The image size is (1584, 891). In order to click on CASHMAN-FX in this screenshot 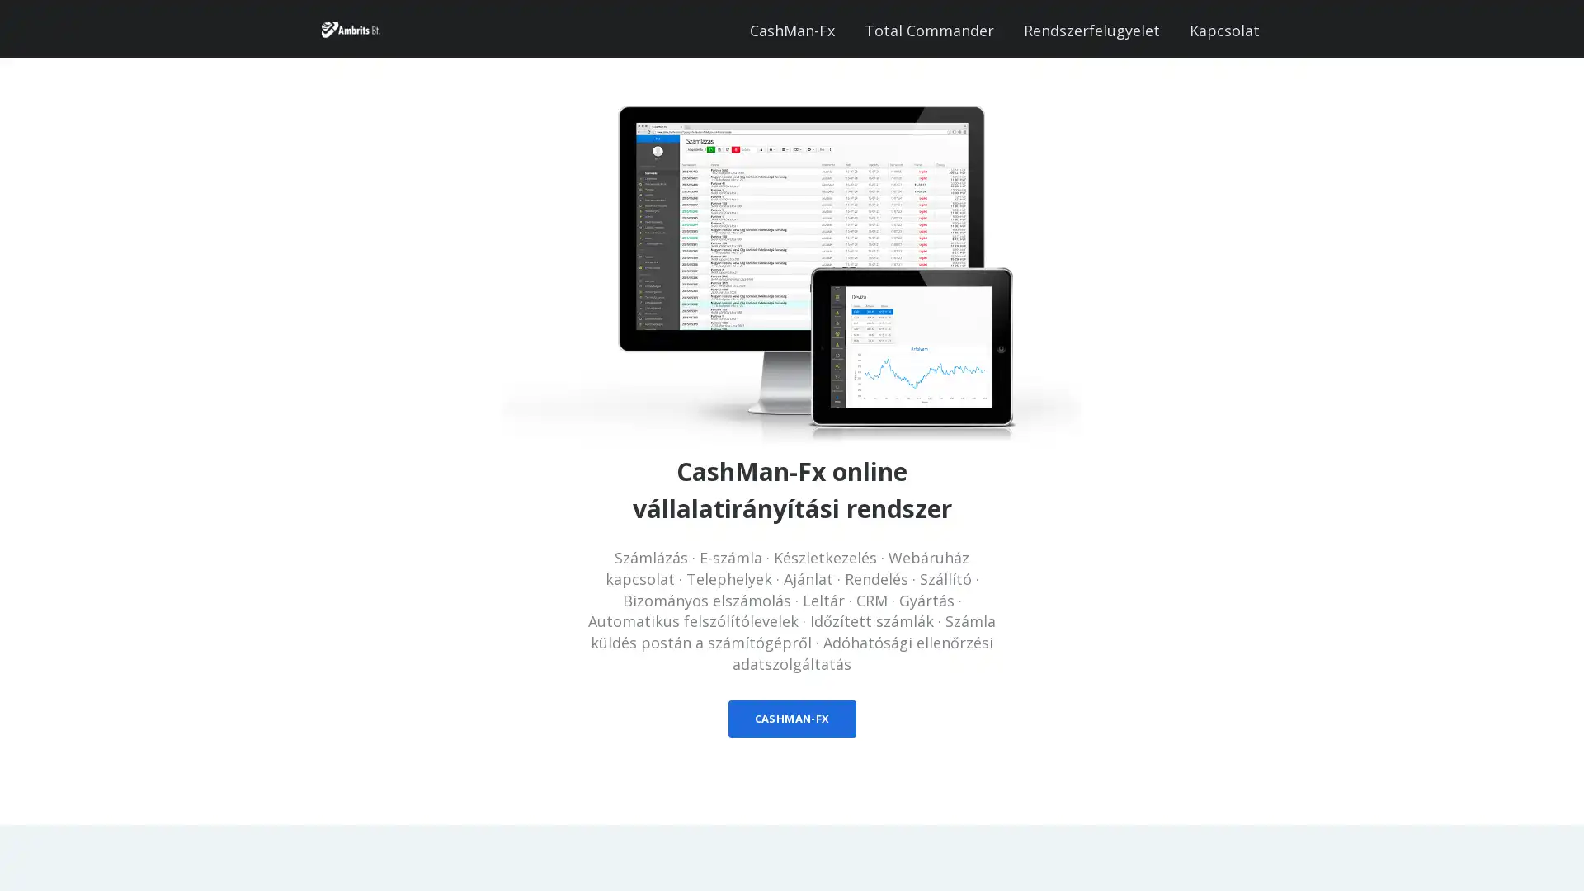, I will do `click(790, 718)`.